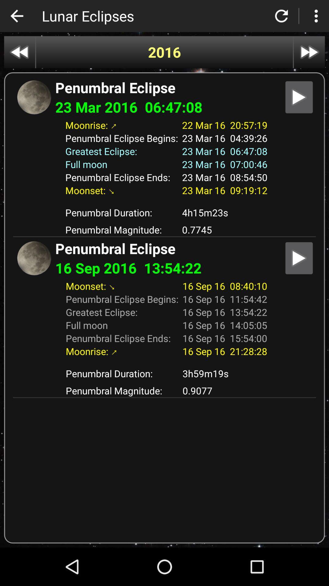 This screenshot has height=586, width=329. Describe the element at coordinates (16, 16) in the screenshot. I see `the arrow_backward icon` at that location.